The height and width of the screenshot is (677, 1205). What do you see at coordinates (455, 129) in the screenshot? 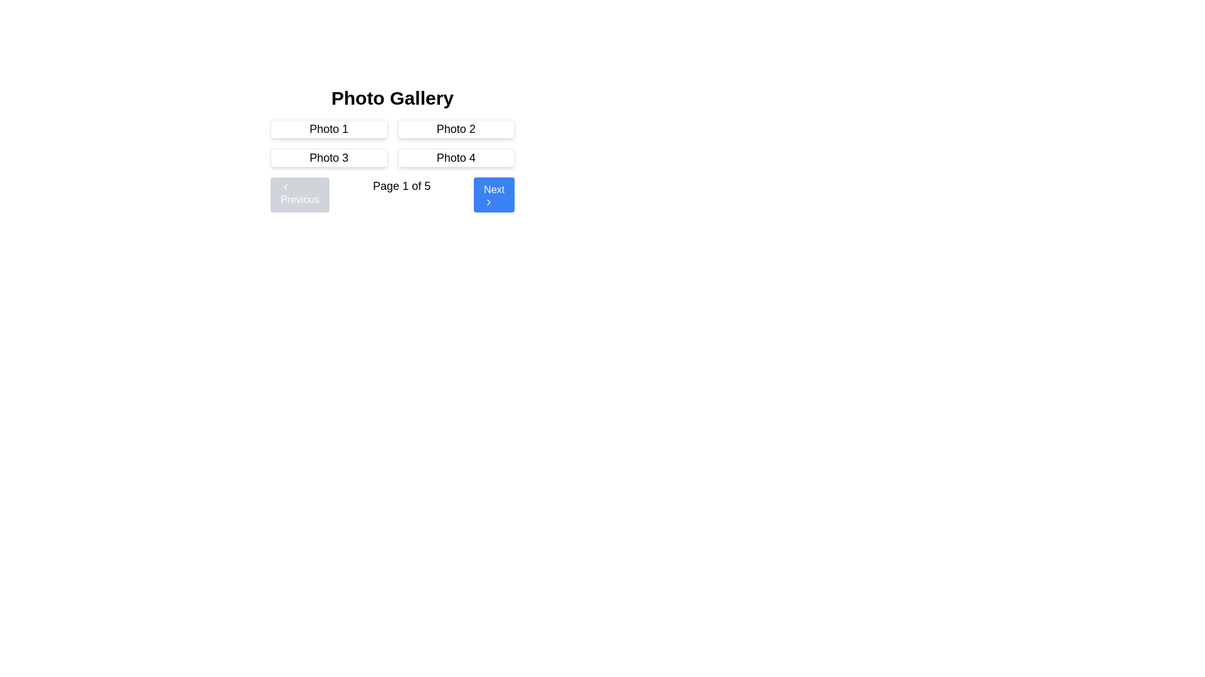
I see `the button labeled 'Photo 2', which is a rectangular button with rounded edges and bold text` at bounding box center [455, 129].